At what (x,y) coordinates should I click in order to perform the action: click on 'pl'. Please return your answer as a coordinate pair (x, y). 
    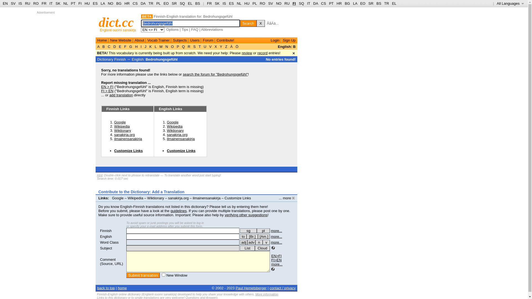
    Looking at the image, I should click on (263, 231).